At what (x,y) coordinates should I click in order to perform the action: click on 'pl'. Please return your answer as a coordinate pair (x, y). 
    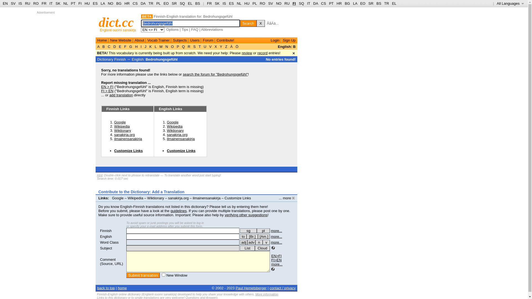
    Looking at the image, I should click on (263, 231).